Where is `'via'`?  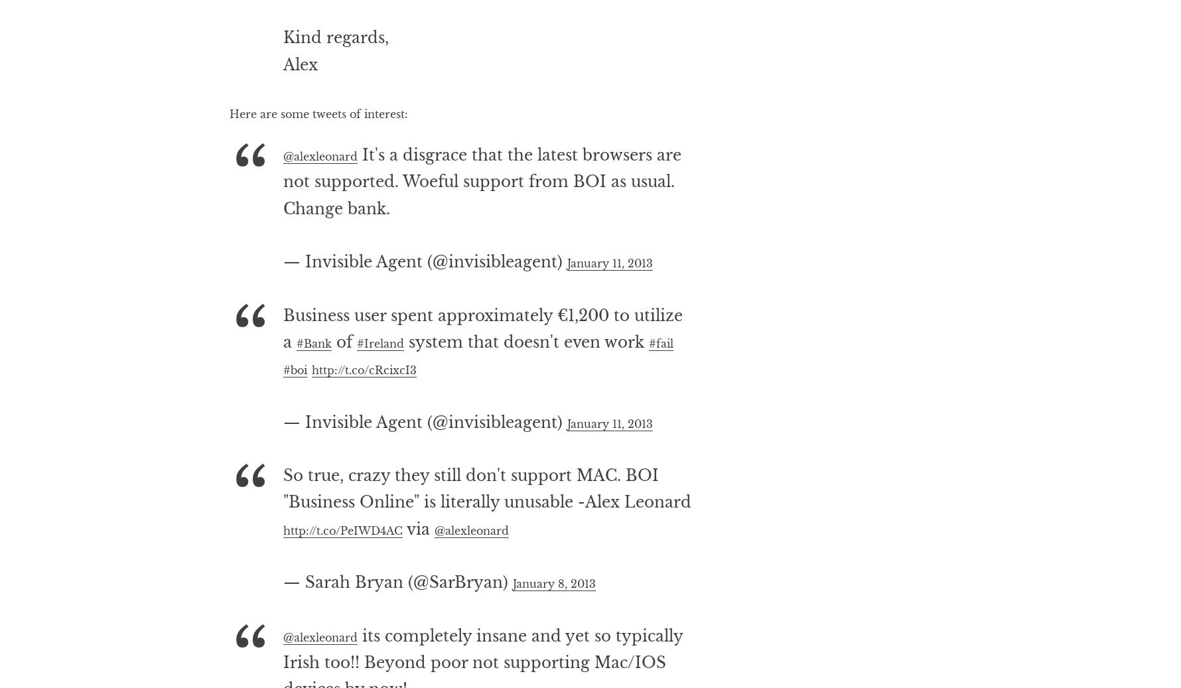 'via' is located at coordinates (472, 583).